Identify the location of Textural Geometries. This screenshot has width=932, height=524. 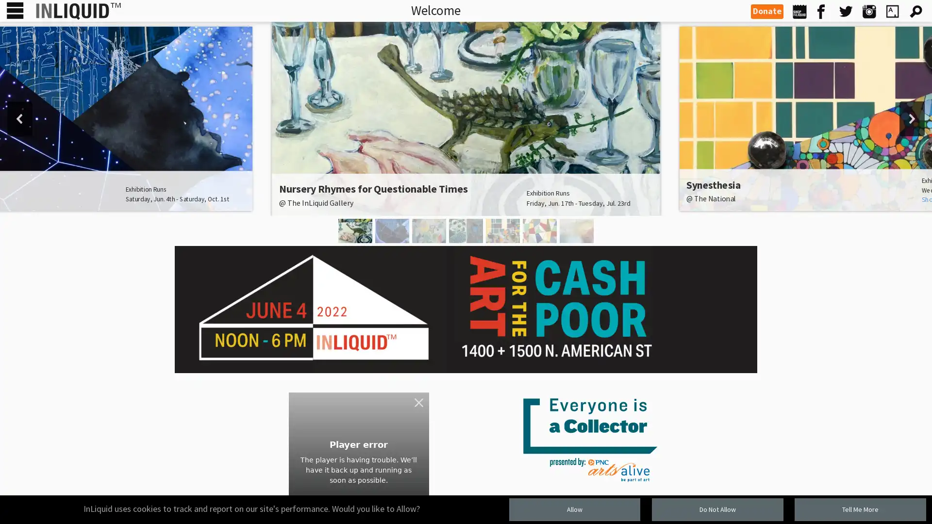
(466, 230).